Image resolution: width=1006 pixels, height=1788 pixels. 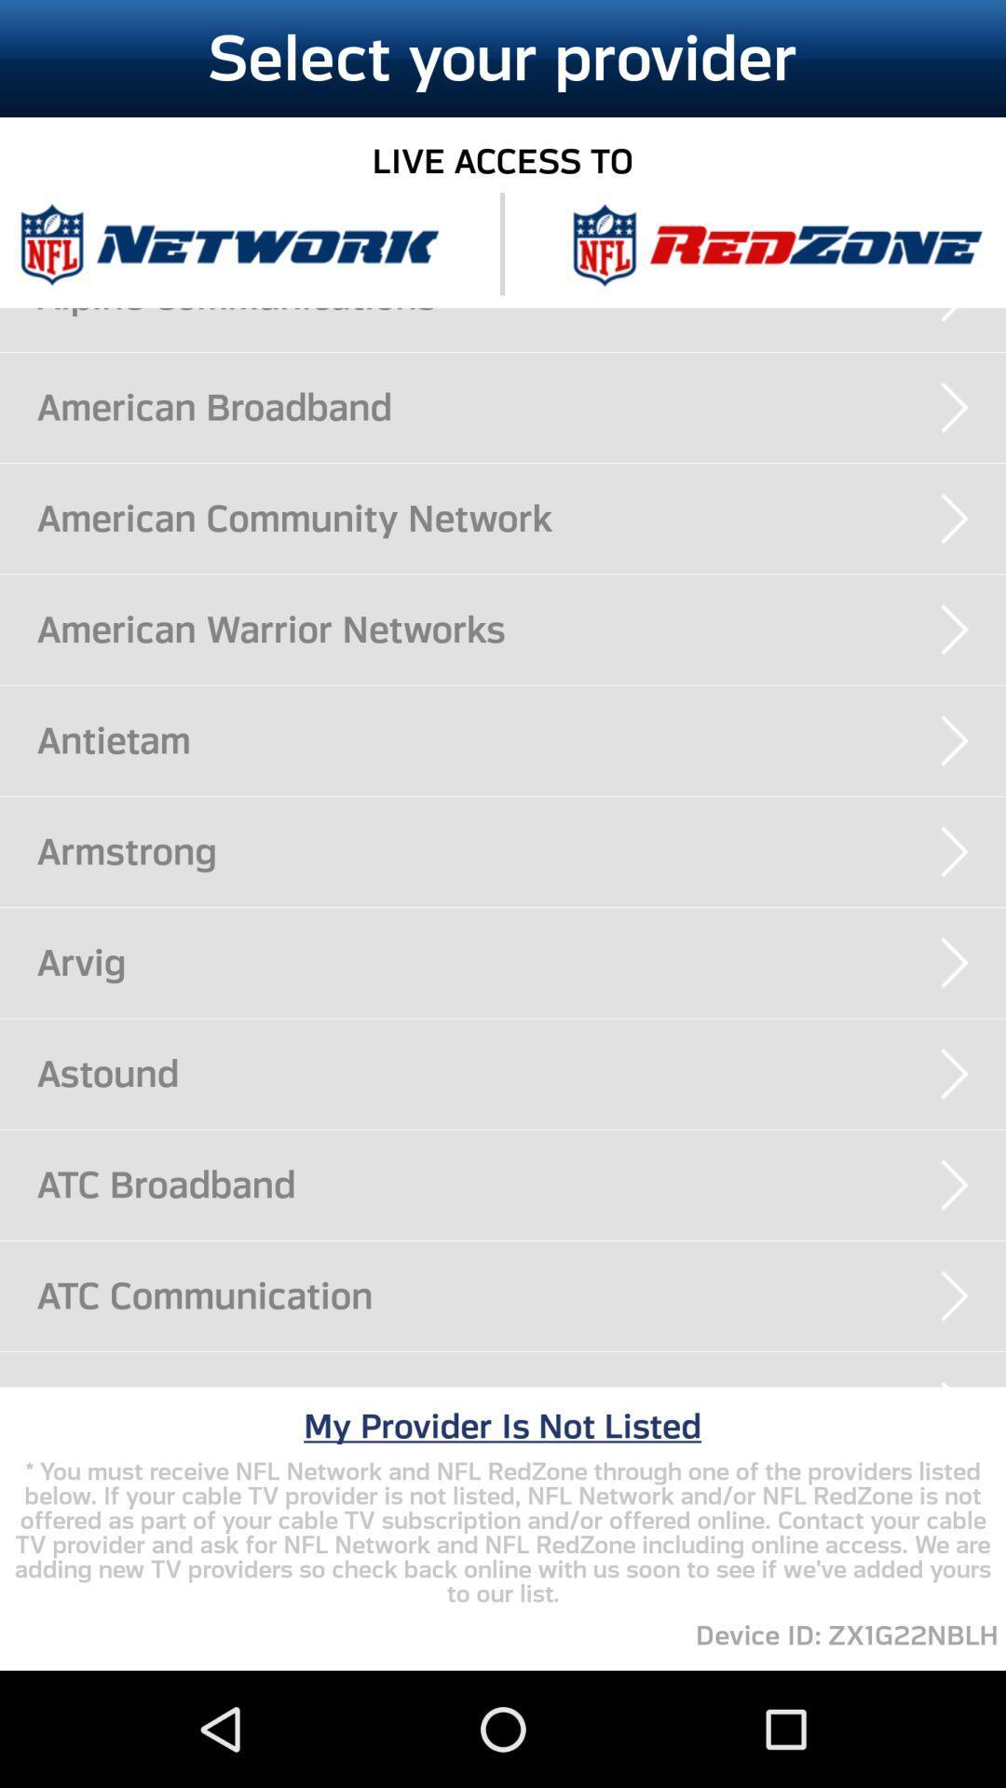 I want to click on the symbol which is right to network, so click(x=776, y=243).